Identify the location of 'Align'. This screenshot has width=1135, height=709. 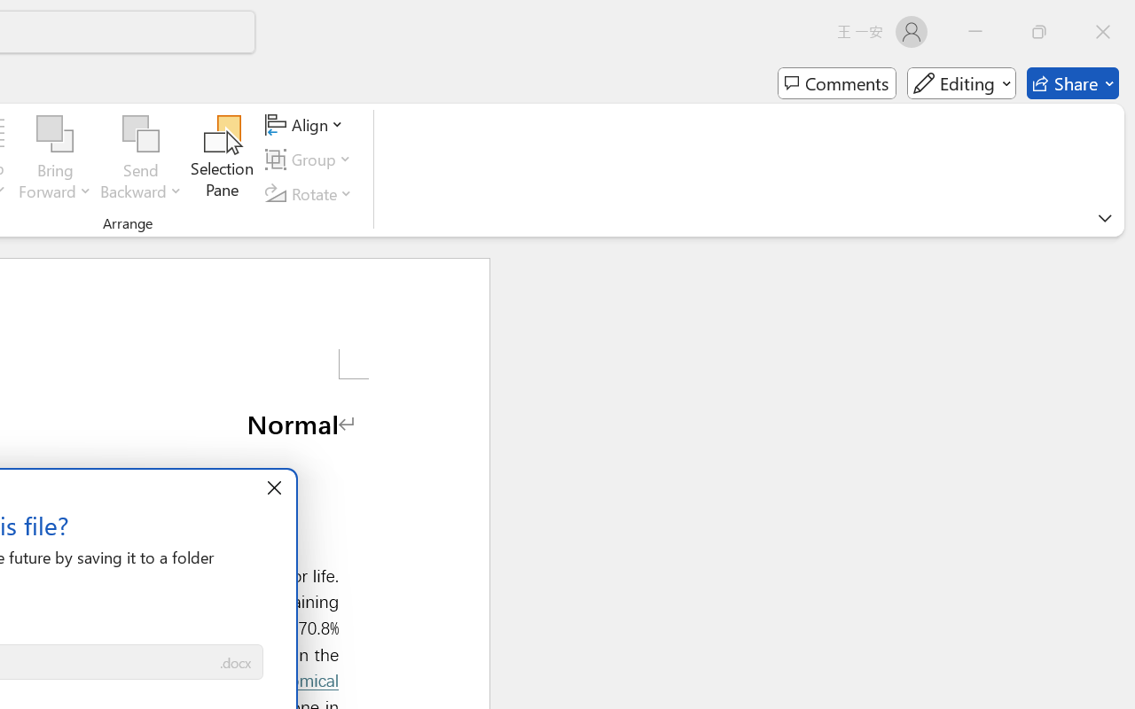
(307, 125).